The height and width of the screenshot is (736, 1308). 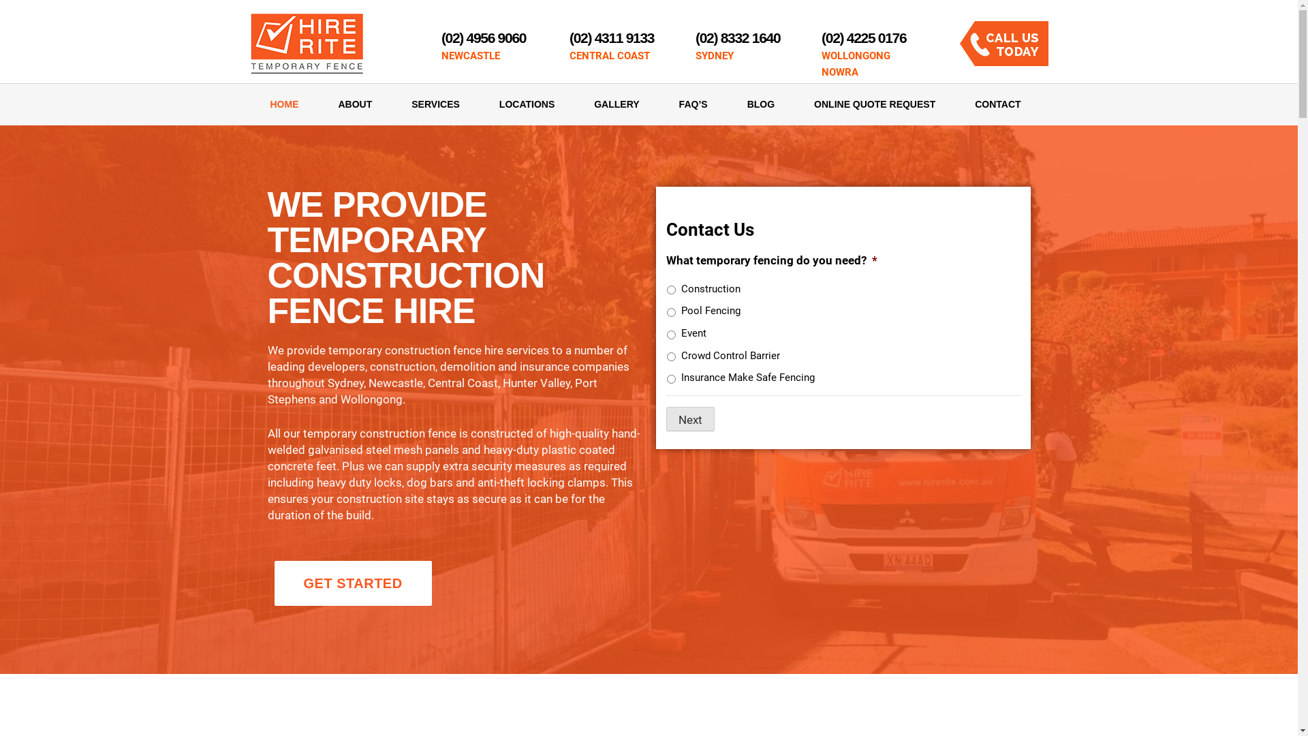 What do you see at coordinates (616, 104) in the screenshot?
I see `'GALLERY'` at bounding box center [616, 104].